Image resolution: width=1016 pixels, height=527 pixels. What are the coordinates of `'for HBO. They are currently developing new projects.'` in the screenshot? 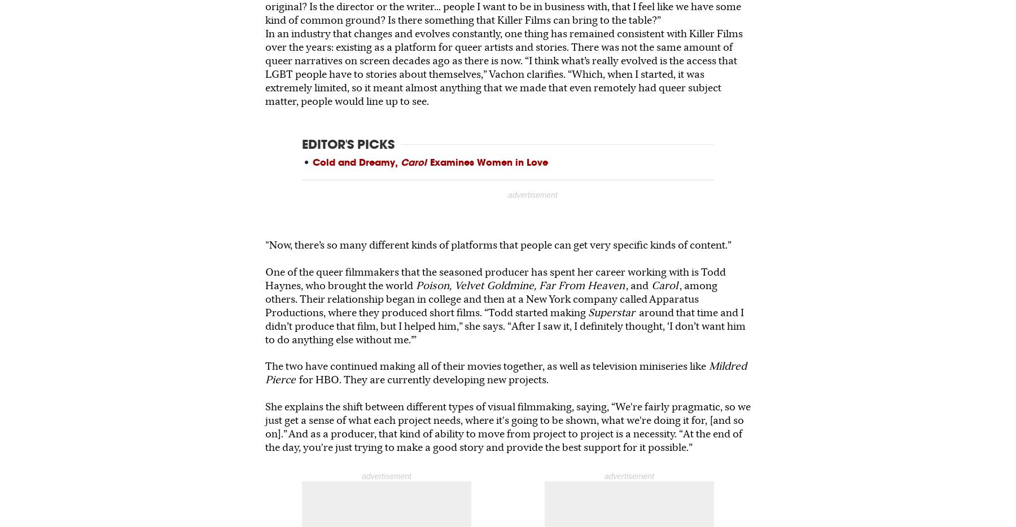 It's located at (422, 379).